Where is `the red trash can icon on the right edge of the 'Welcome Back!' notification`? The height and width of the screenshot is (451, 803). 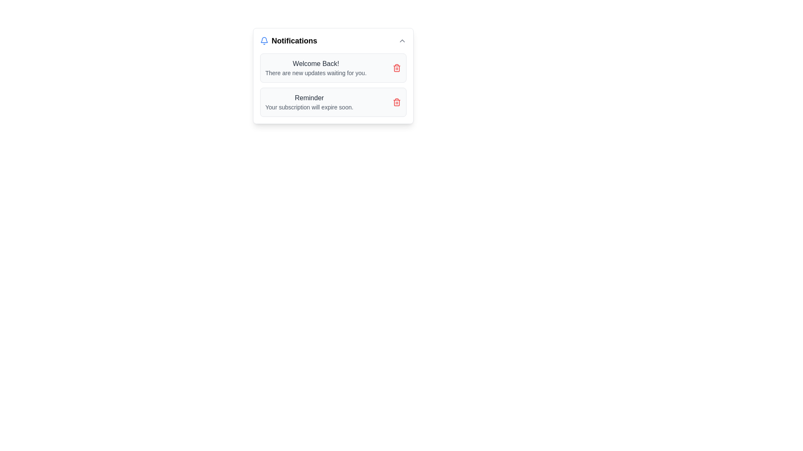
the red trash can icon on the right edge of the 'Welcome Back!' notification is located at coordinates (396, 67).